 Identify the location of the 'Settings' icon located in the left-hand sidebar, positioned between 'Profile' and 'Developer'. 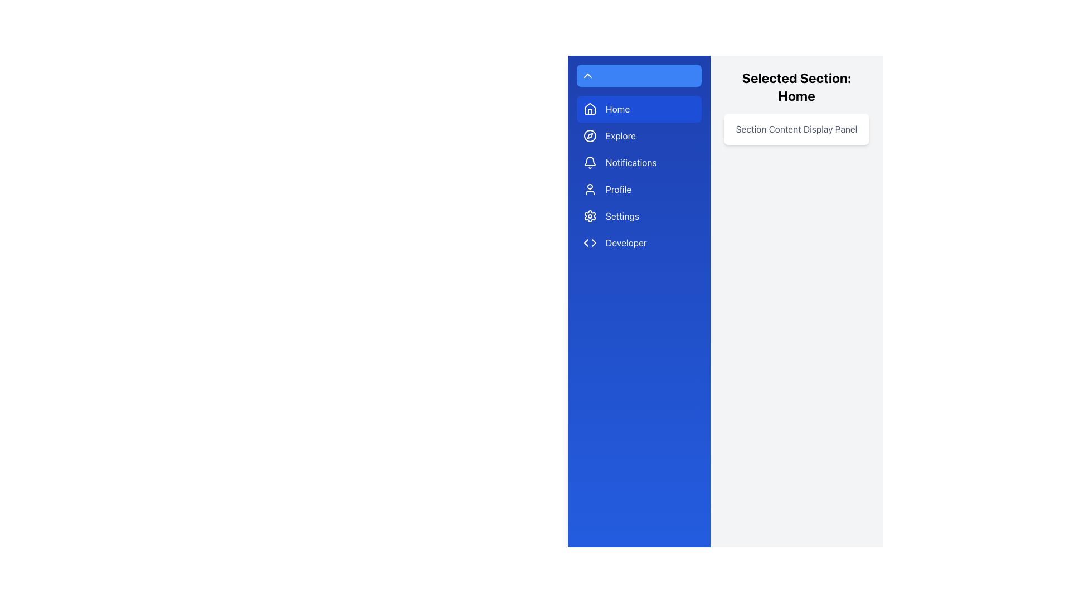
(590, 216).